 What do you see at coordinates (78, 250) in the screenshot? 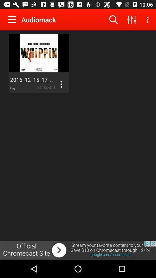
I see `open advertisement` at bounding box center [78, 250].